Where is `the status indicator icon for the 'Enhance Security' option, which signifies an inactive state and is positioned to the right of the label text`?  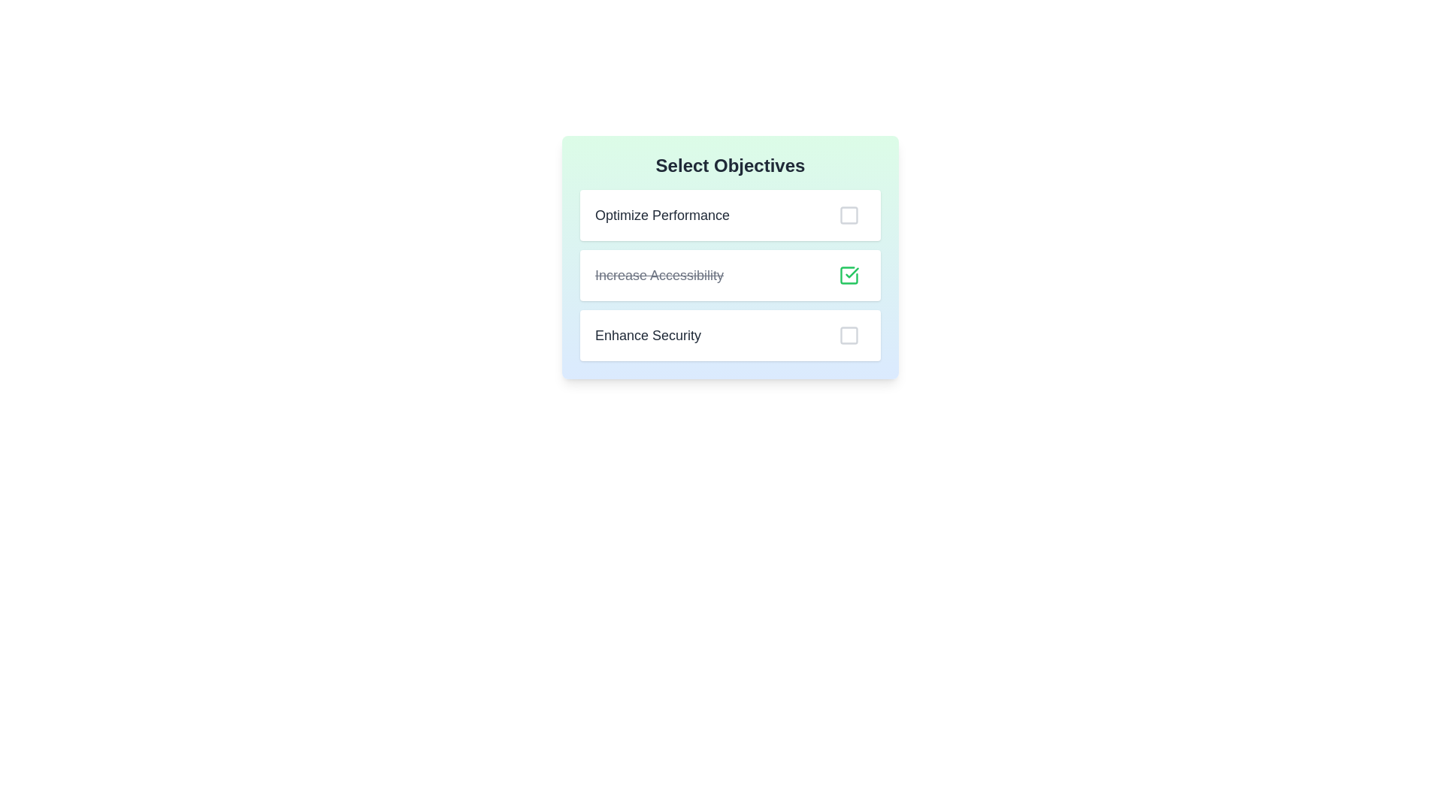
the status indicator icon for the 'Enhance Security' option, which signifies an inactive state and is positioned to the right of the label text is located at coordinates (849, 335).